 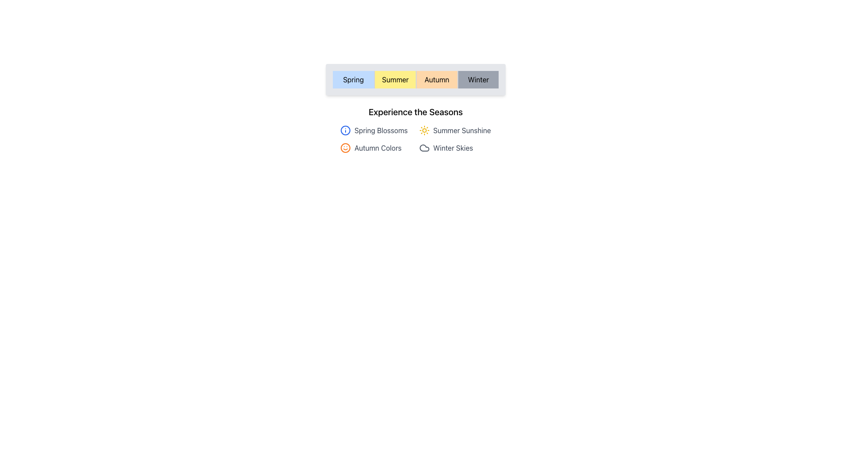 I want to click on the first vector graphic icon associated with the 'Summer Sunshine' label, which is part of the 'Experience the Seasons' group, located in the central lower section of the interface, so click(x=425, y=130).